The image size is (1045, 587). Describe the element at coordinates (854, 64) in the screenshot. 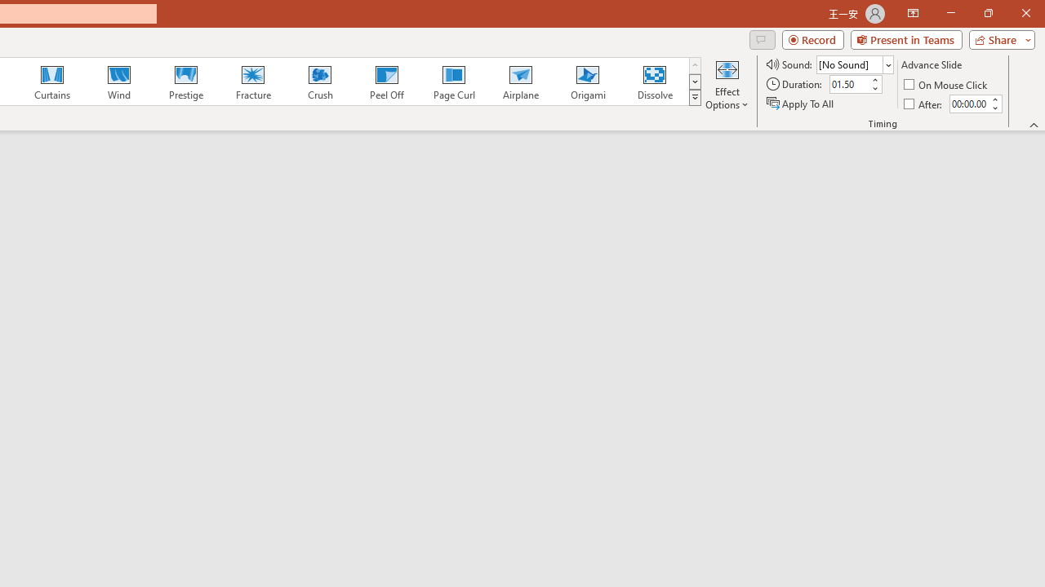

I see `'Sound'` at that location.